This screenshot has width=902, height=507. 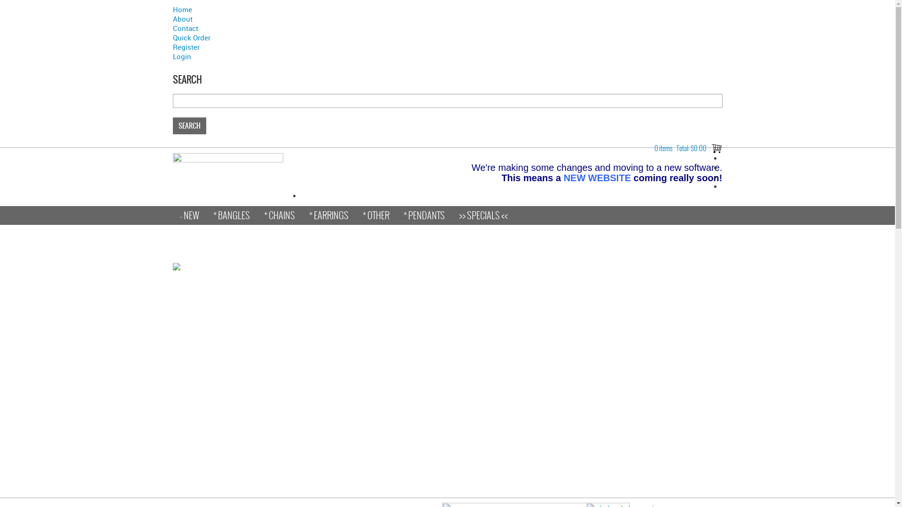 What do you see at coordinates (231, 215) in the screenshot?
I see `'* BANGLES'` at bounding box center [231, 215].